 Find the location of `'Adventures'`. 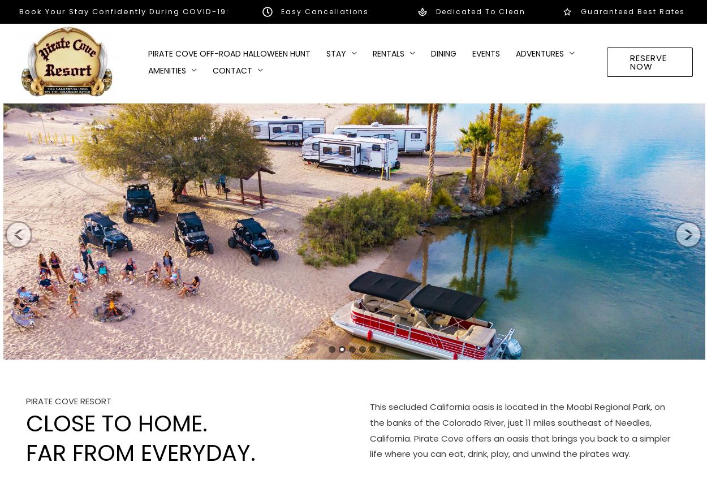

'Adventures' is located at coordinates (539, 52).